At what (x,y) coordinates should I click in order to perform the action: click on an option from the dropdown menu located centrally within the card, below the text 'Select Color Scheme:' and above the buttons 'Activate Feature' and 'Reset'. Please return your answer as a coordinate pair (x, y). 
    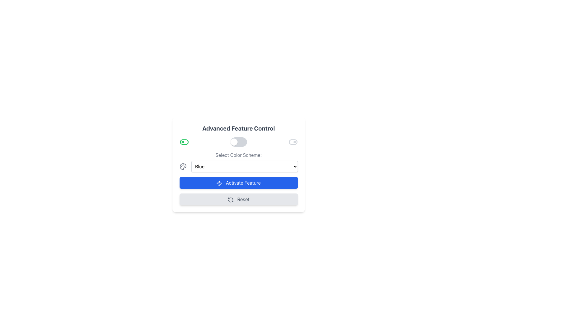
    Looking at the image, I should click on (238, 165).